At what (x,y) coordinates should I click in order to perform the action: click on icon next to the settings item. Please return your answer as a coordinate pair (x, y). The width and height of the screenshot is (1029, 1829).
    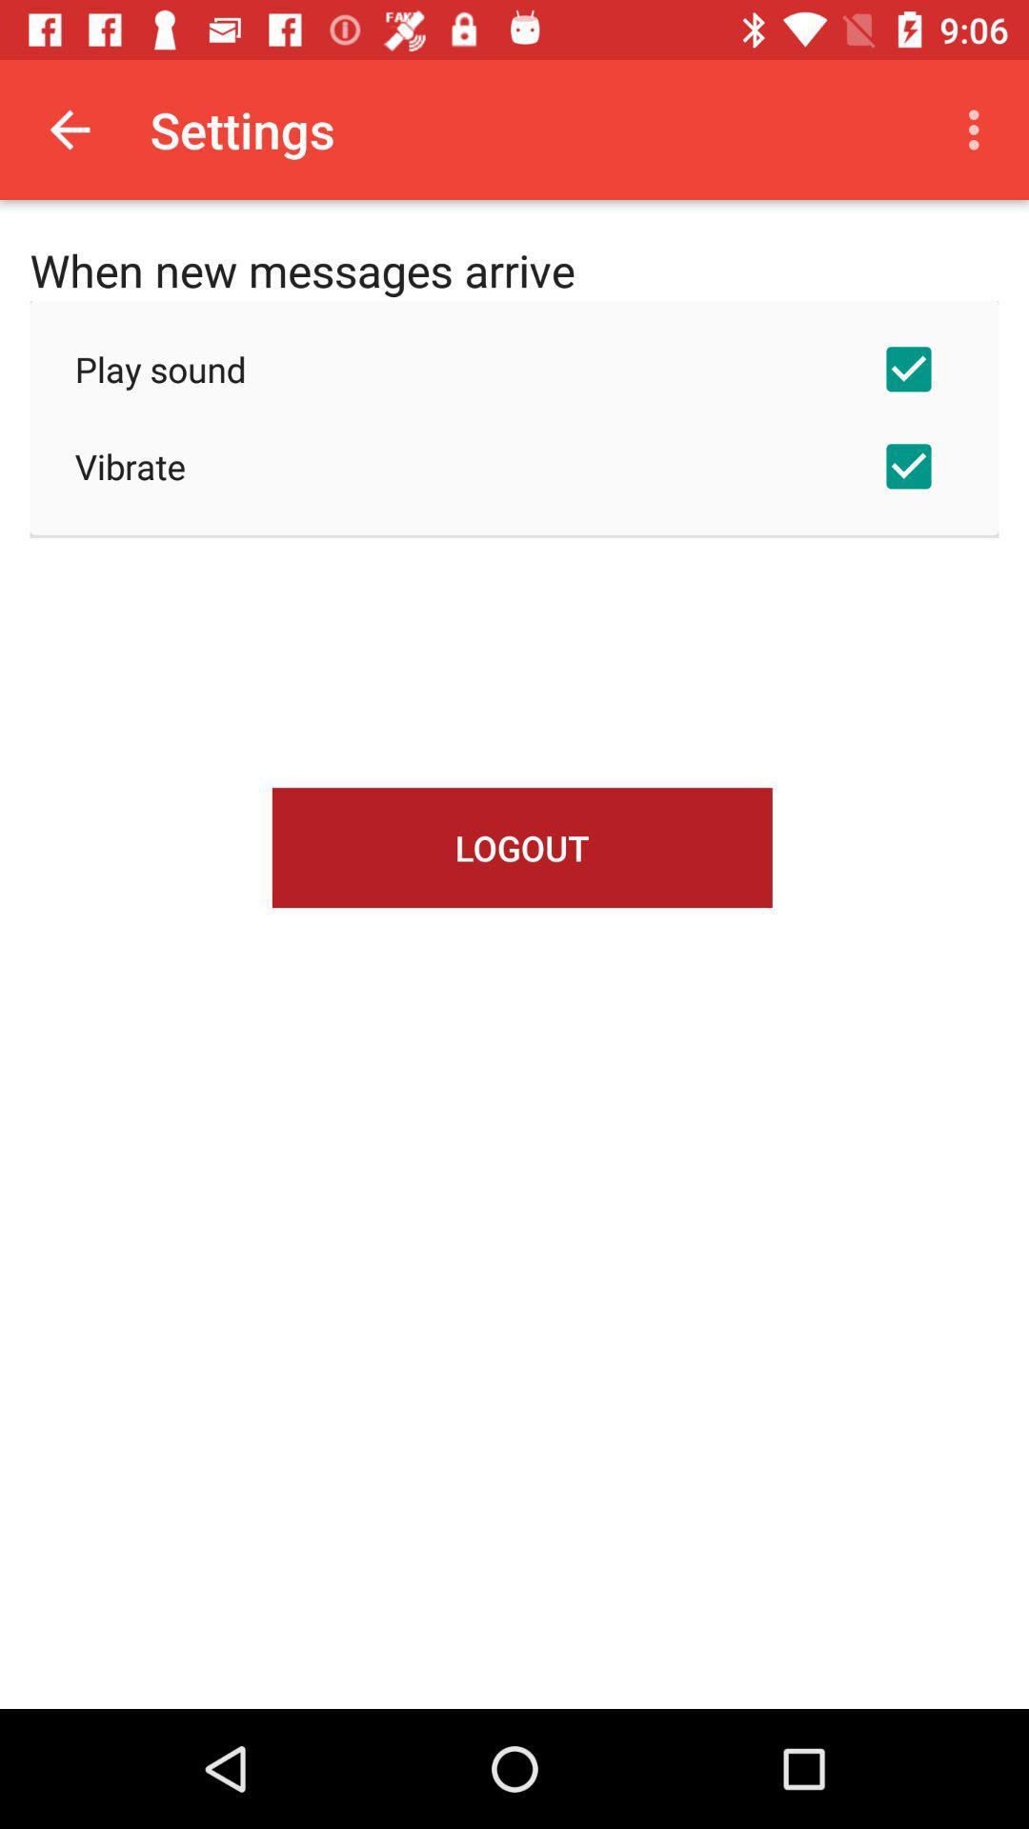
    Looking at the image, I should click on (979, 129).